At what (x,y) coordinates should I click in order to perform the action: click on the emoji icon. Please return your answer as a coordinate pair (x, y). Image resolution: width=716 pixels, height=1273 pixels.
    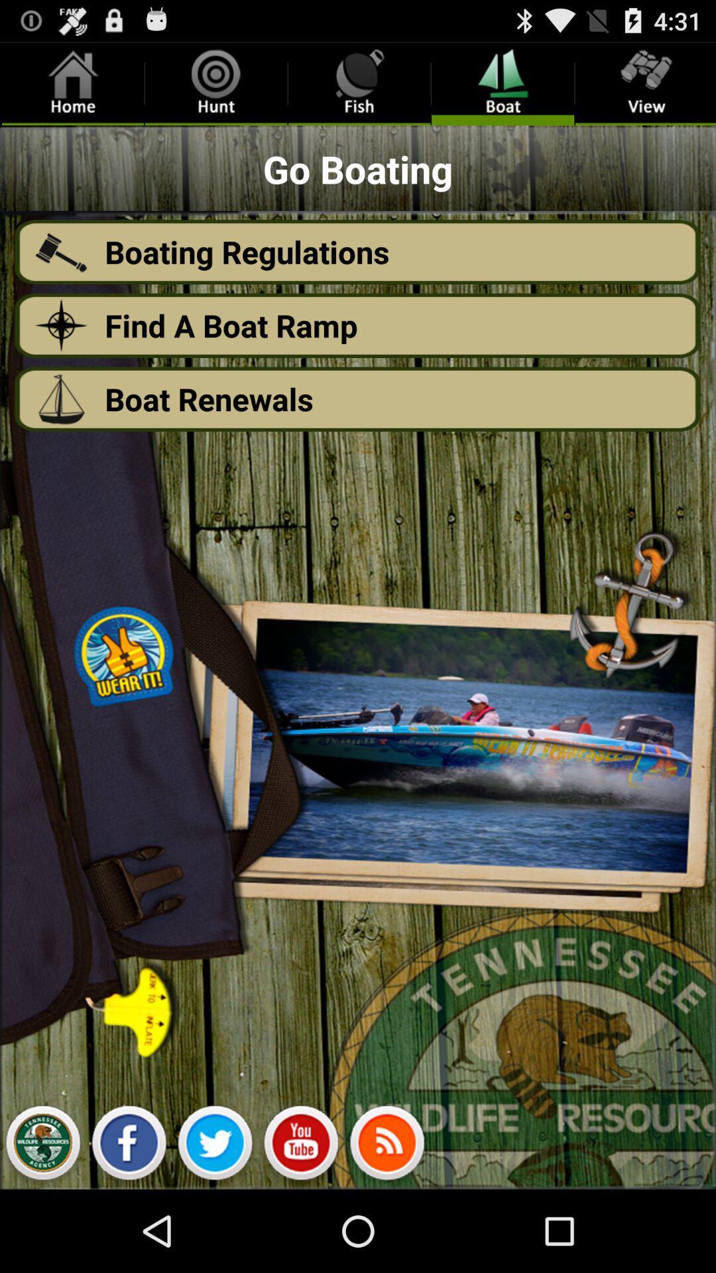
    Looking at the image, I should click on (301, 1226).